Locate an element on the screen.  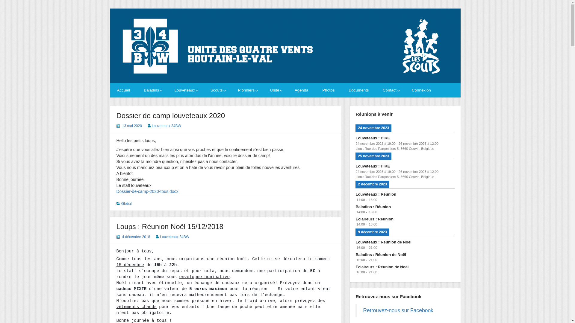
'Scouts' is located at coordinates (217, 90).